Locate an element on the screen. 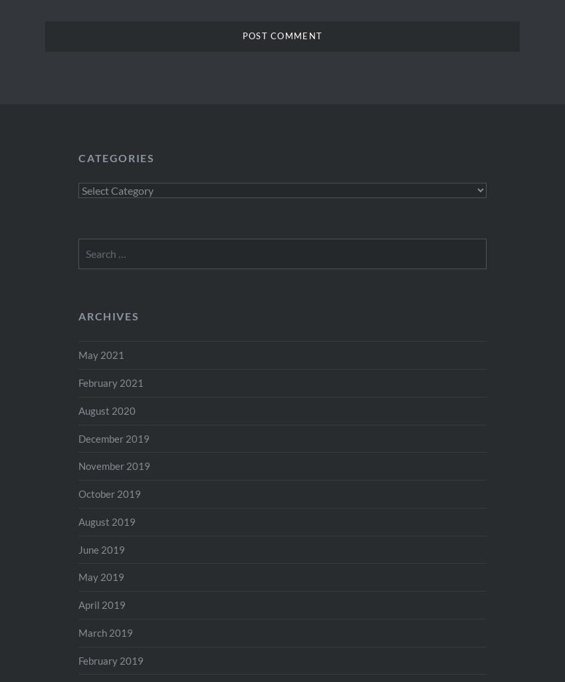 This screenshot has width=565, height=682. 'March 2019' is located at coordinates (106, 631).